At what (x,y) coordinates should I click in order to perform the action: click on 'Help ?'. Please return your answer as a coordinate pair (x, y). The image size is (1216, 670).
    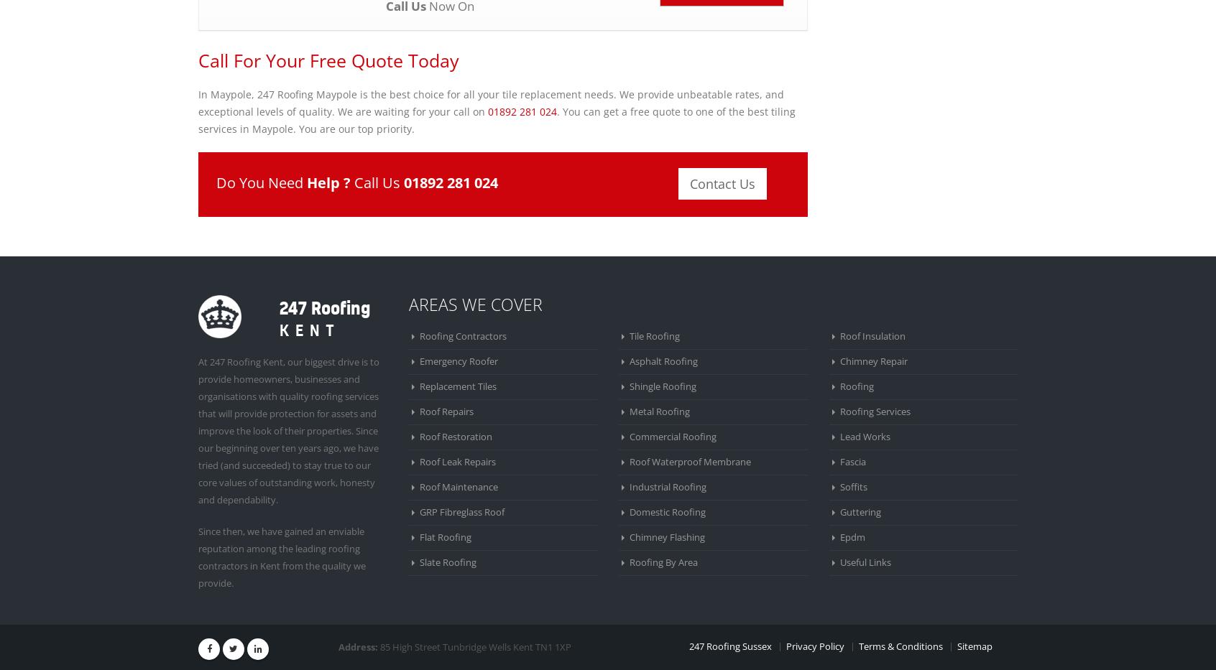
    Looking at the image, I should click on (306, 181).